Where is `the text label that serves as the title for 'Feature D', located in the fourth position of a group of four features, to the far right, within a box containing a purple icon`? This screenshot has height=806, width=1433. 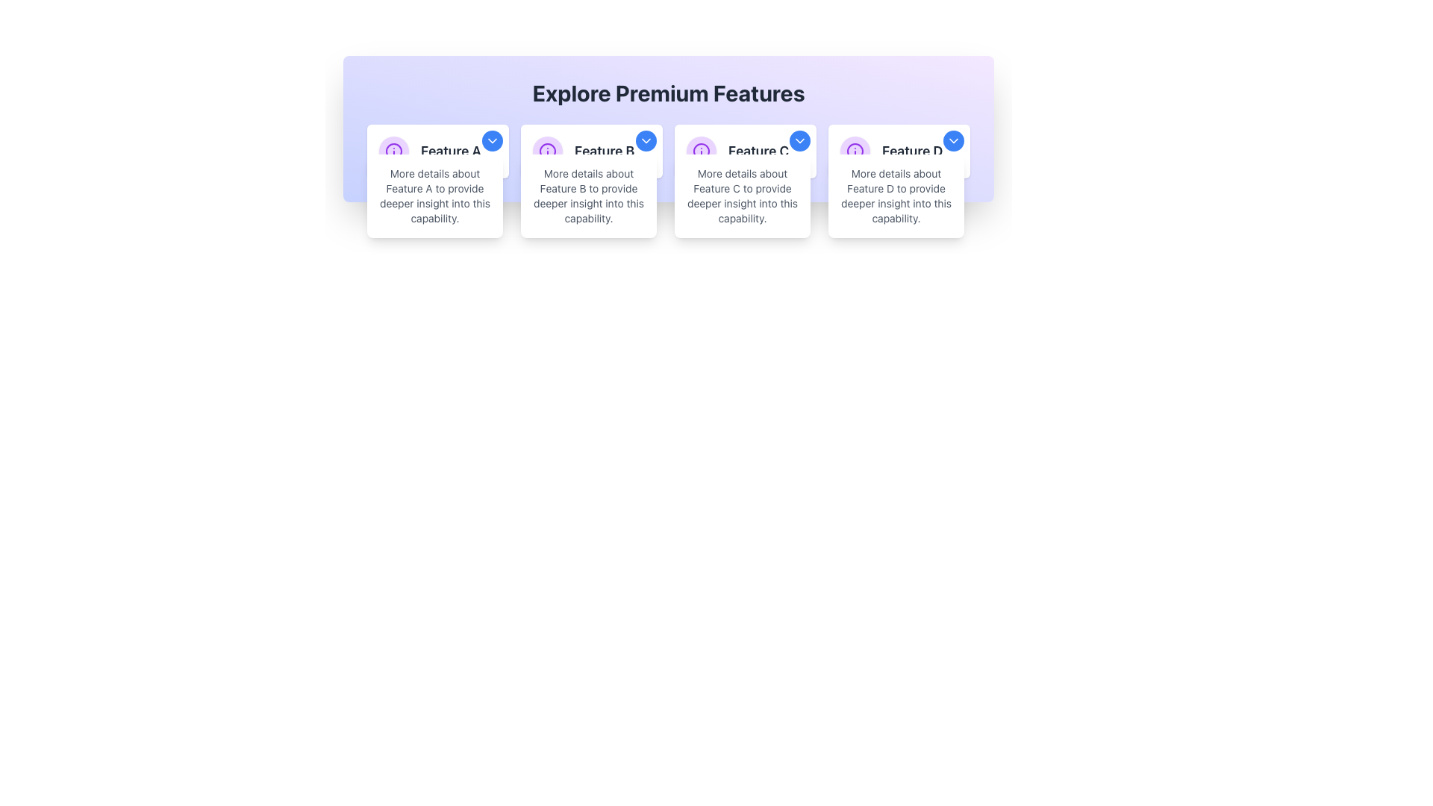
the text label that serves as the title for 'Feature D', located in the fourth position of a group of four features, to the far right, within a box containing a purple icon is located at coordinates (911, 151).